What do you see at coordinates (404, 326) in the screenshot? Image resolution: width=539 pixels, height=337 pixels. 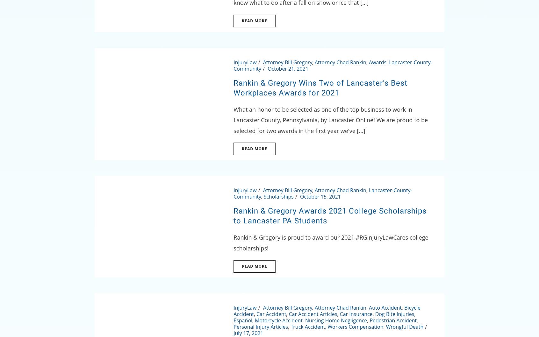 I see `'Wrongful Death'` at bounding box center [404, 326].